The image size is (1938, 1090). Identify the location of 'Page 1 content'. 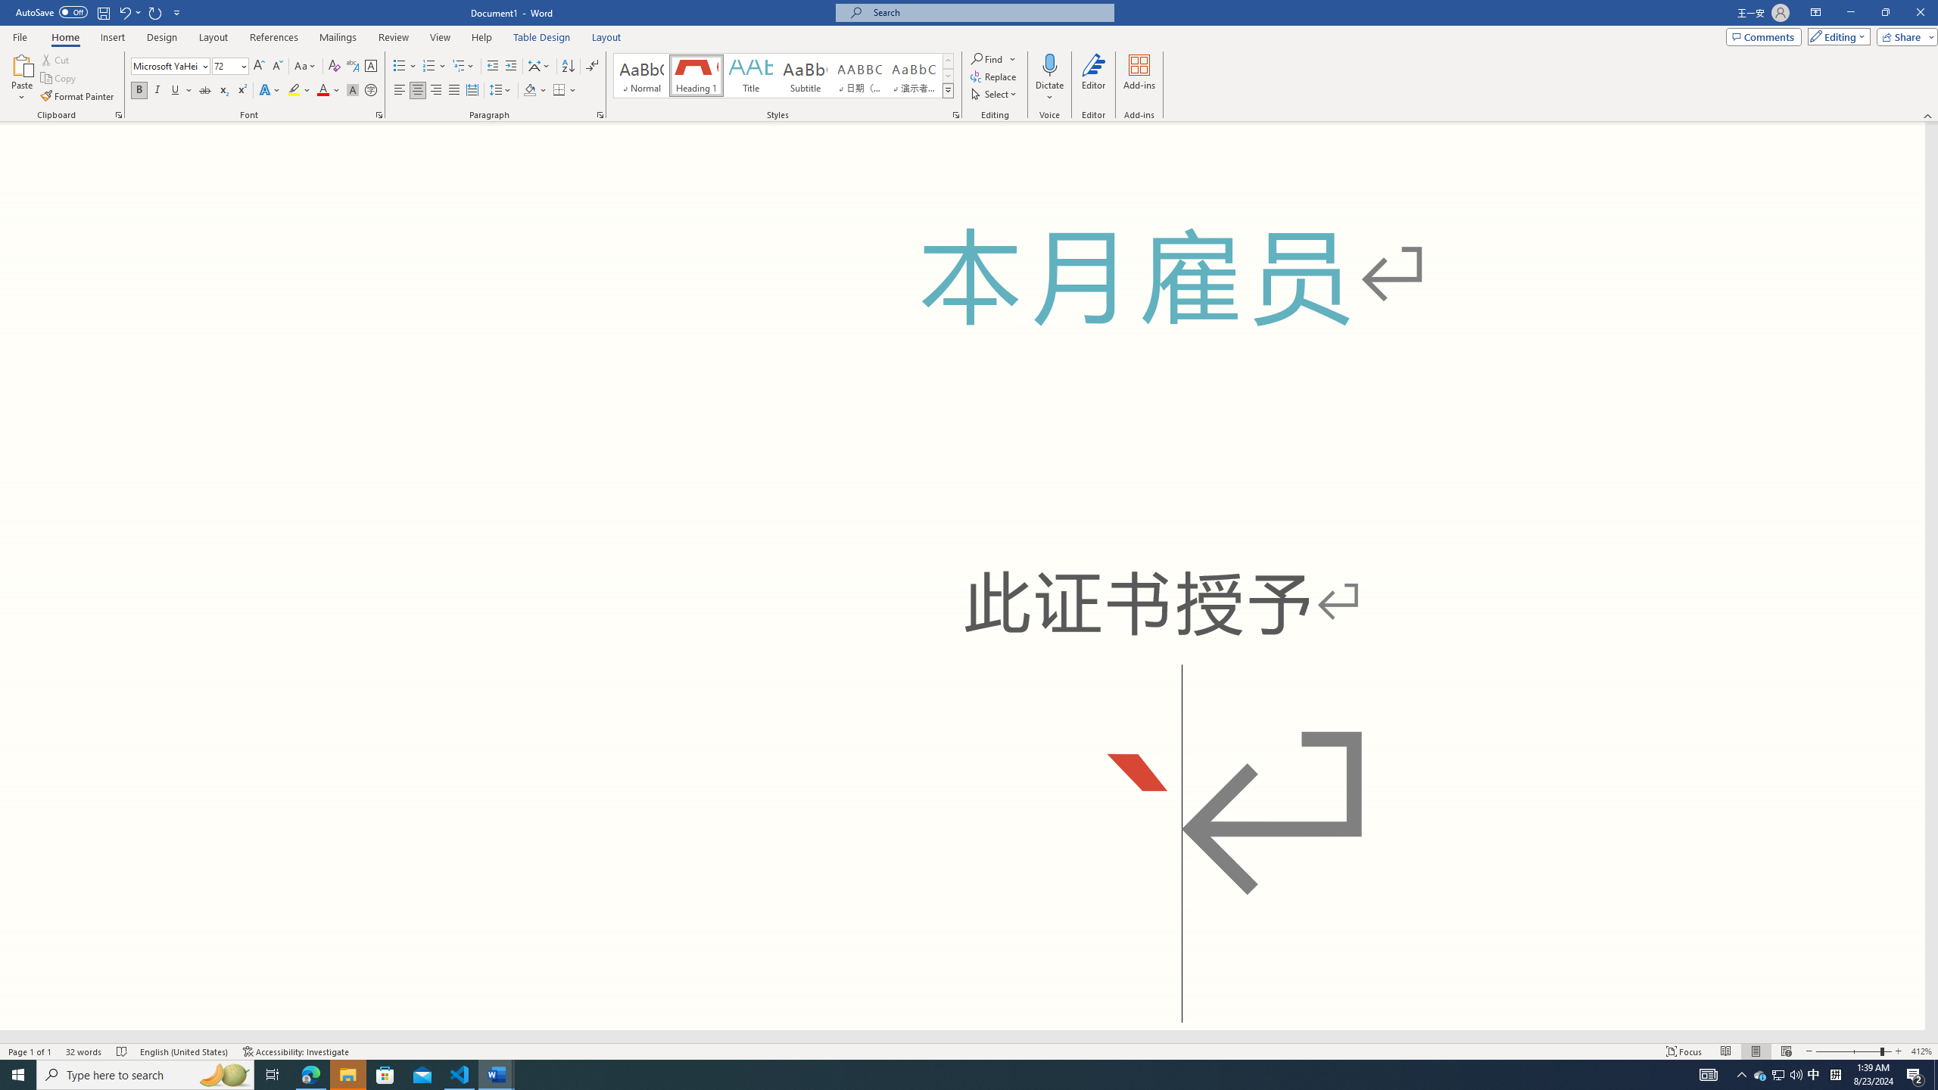
(962, 576).